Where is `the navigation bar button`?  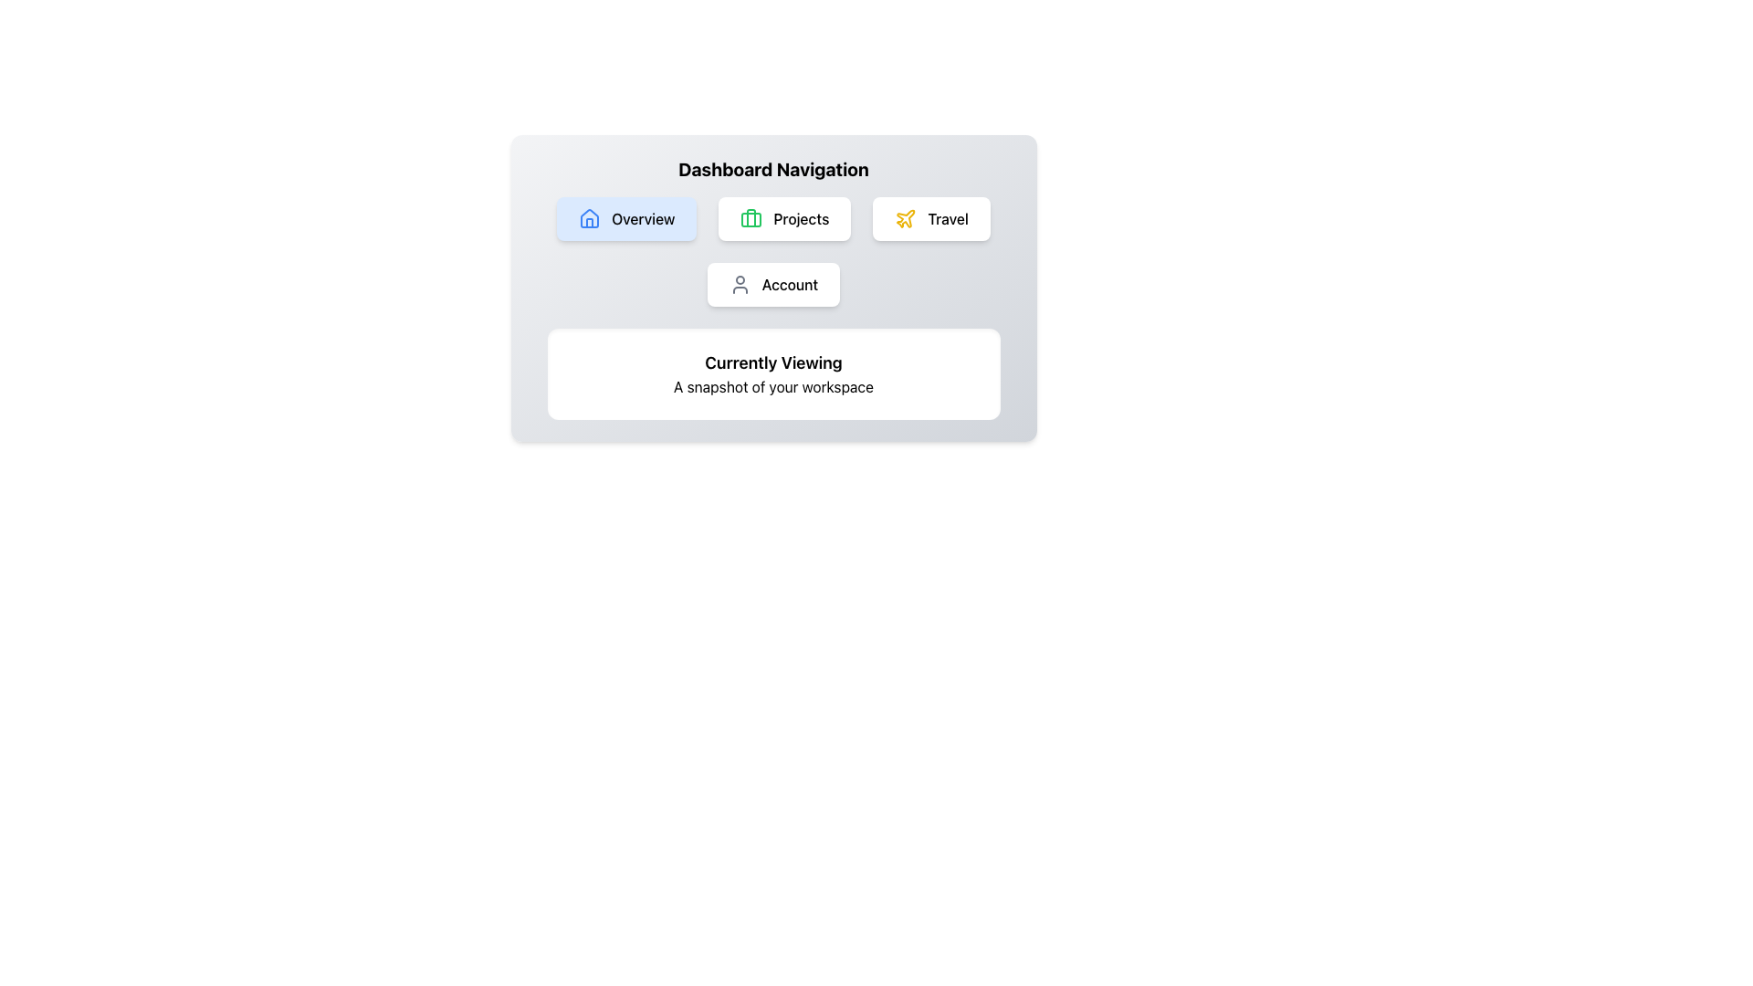
the navigation bar button is located at coordinates (773, 252).